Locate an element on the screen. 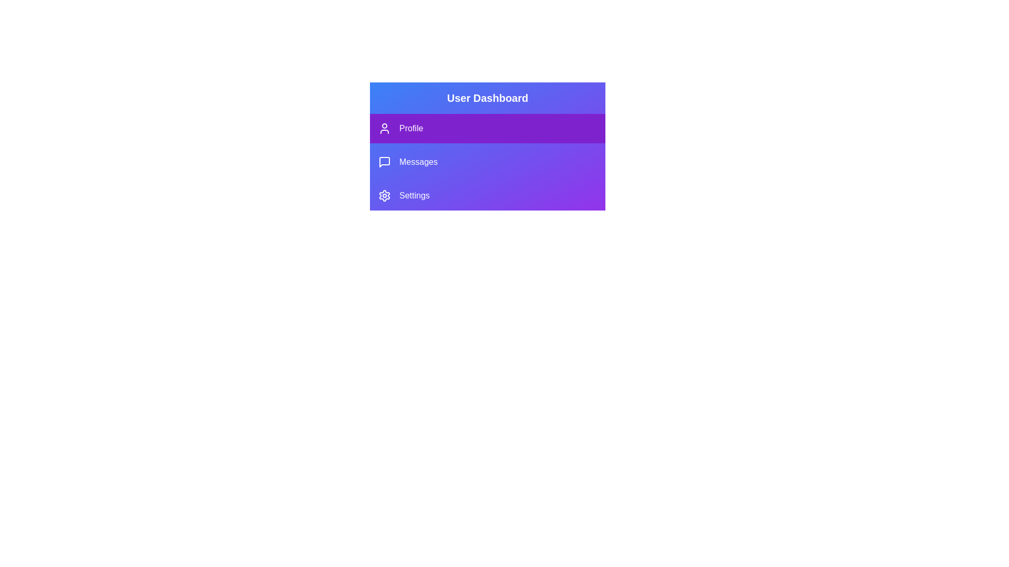 The width and height of the screenshot is (1009, 567). the icon next to the menu item Messages is located at coordinates (384, 162).